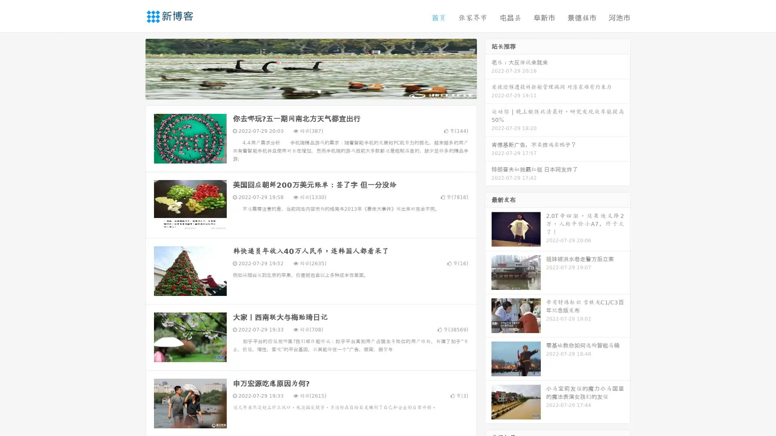  Describe the element at coordinates (488, 68) in the screenshot. I see `Next slide` at that location.